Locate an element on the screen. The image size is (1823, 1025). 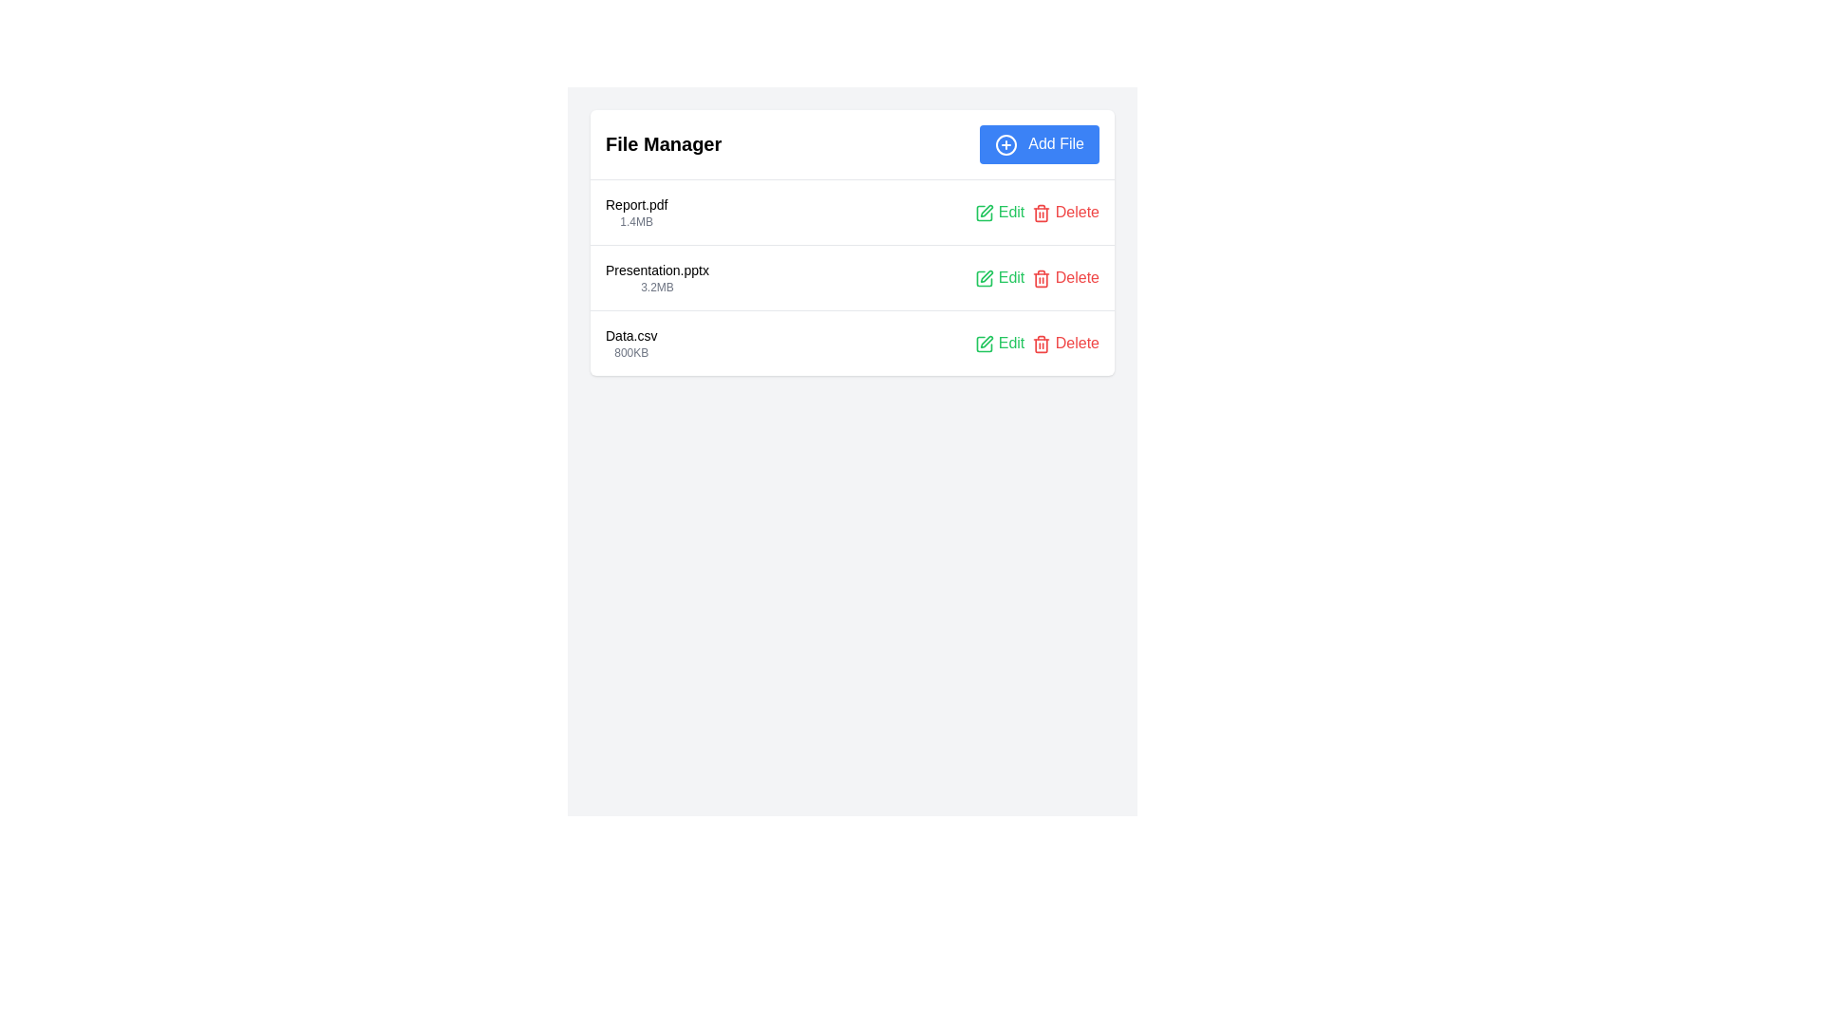
the edit icon for the file 'Data.csv' is located at coordinates (985, 344).